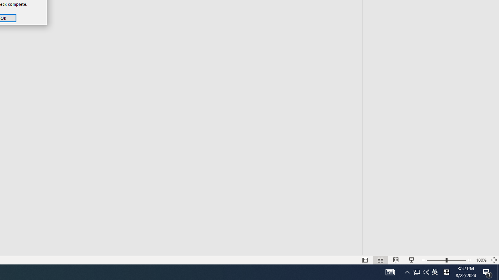 The image size is (499, 280). What do you see at coordinates (481, 260) in the screenshot?
I see `'Zoom 100%'` at bounding box center [481, 260].